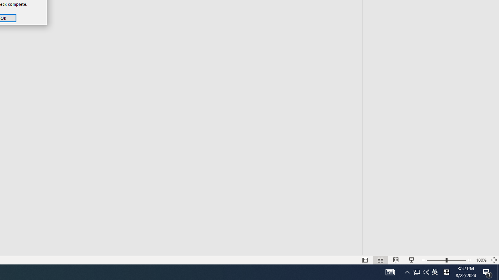 The image size is (499, 280). What do you see at coordinates (481, 260) in the screenshot?
I see `'Zoom 100%'` at bounding box center [481, 260].